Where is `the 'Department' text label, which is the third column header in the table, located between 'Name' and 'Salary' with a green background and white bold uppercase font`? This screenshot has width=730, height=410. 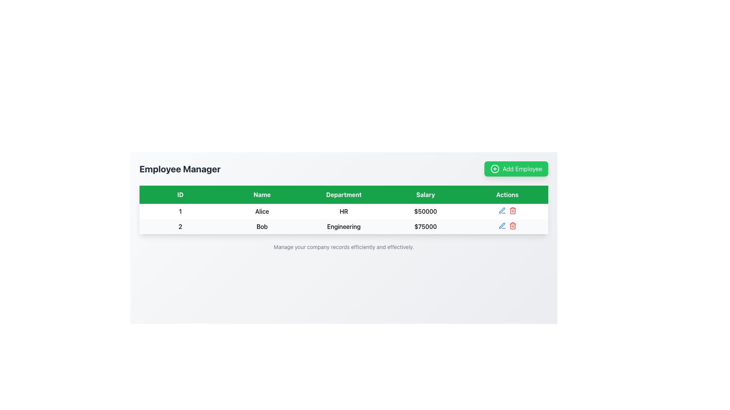 the 'Department' text label, which is the third column header in the table, located between 'Name' and 'Salary' with a green background and white bold uppercase font is located at coordinates (343, 194).